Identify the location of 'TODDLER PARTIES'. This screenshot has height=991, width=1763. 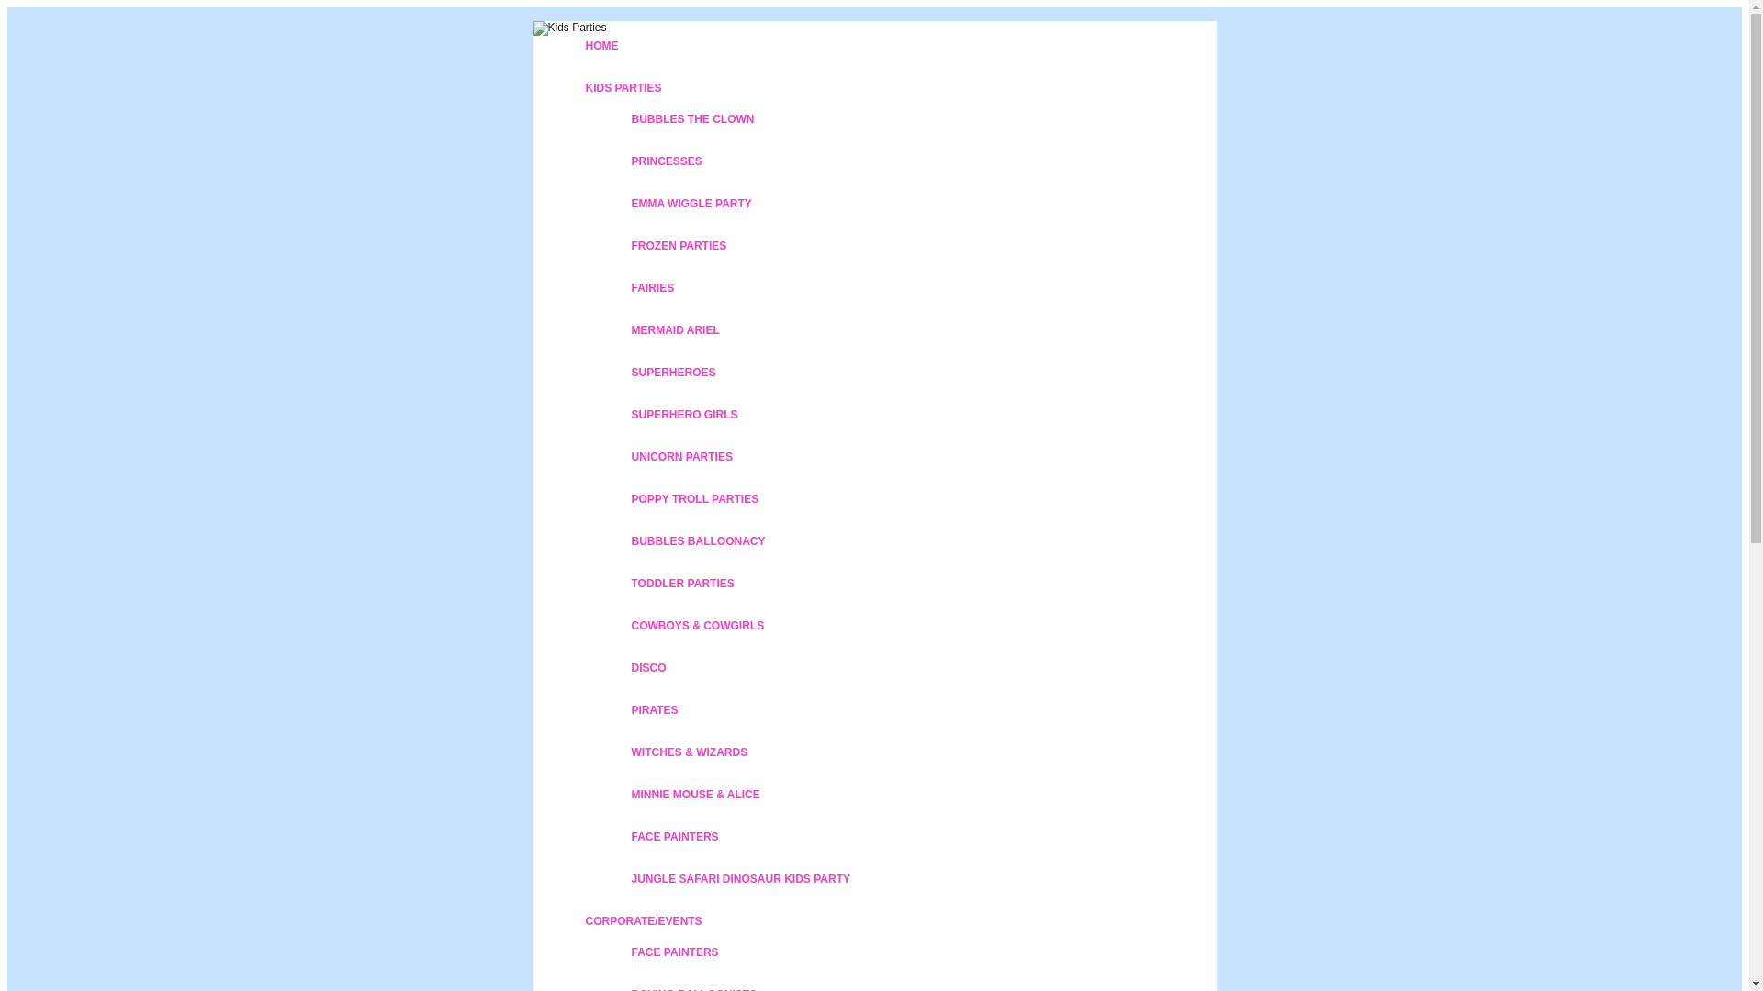
(681, 584).